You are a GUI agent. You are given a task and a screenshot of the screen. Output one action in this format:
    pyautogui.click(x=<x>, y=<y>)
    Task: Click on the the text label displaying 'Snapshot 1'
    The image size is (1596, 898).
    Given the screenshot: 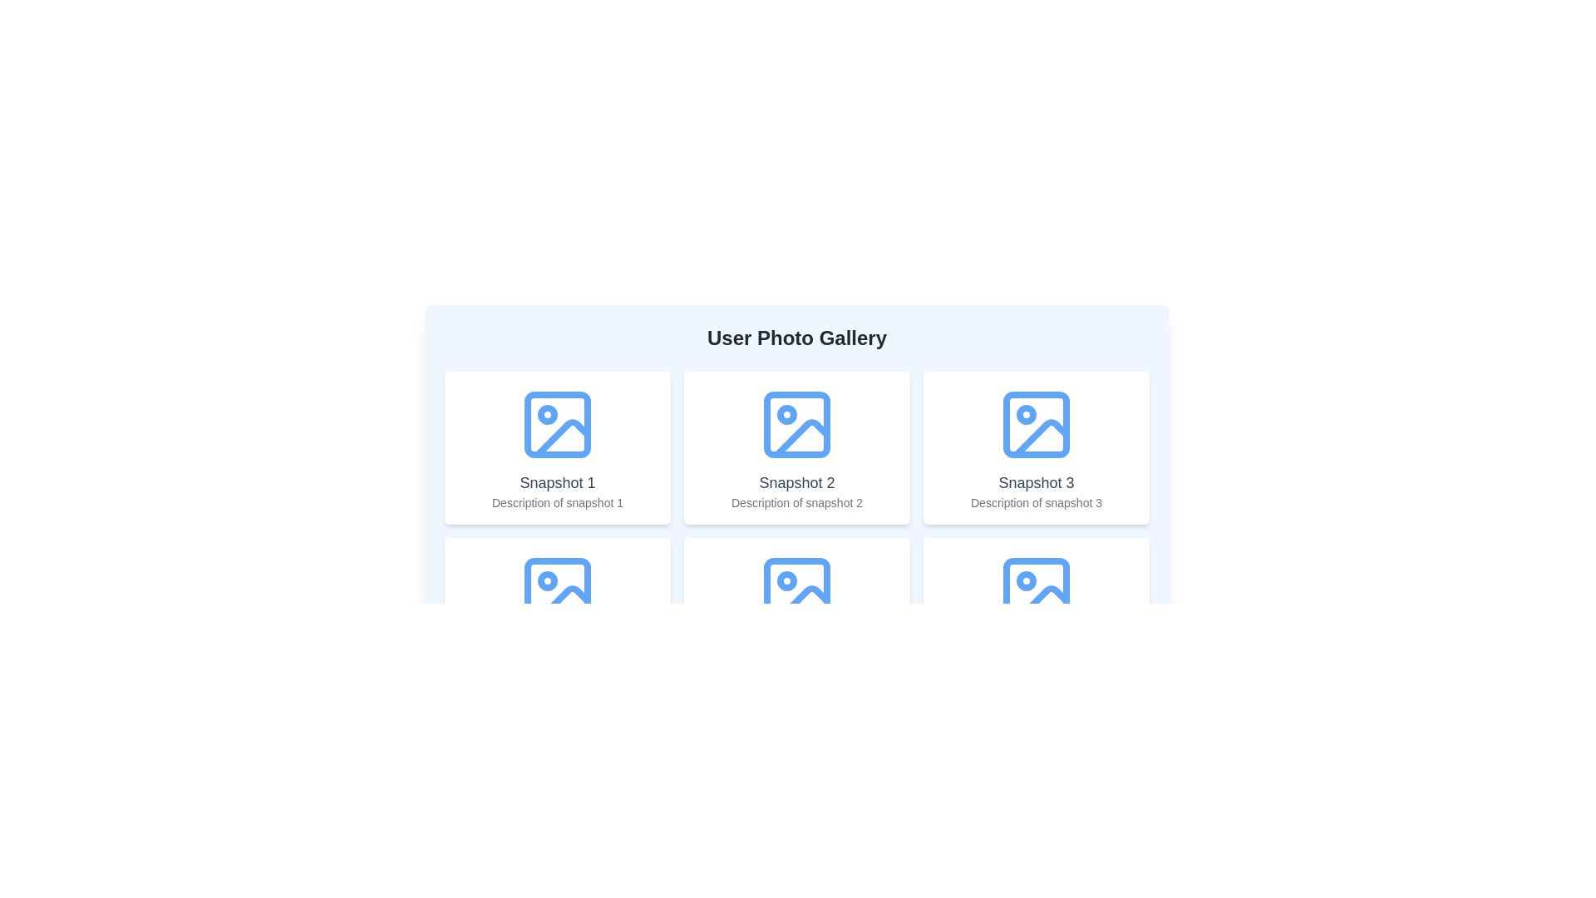 What is the action you would take?
    pyautogui.click(x=558, y=483)
    